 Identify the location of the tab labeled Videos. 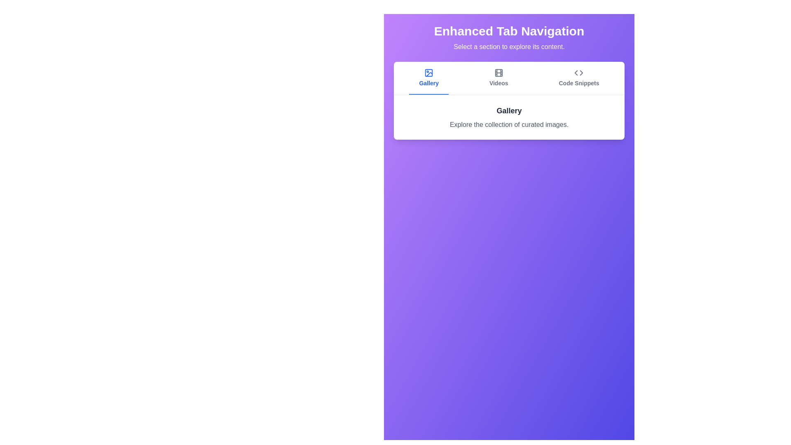
(498, 78).